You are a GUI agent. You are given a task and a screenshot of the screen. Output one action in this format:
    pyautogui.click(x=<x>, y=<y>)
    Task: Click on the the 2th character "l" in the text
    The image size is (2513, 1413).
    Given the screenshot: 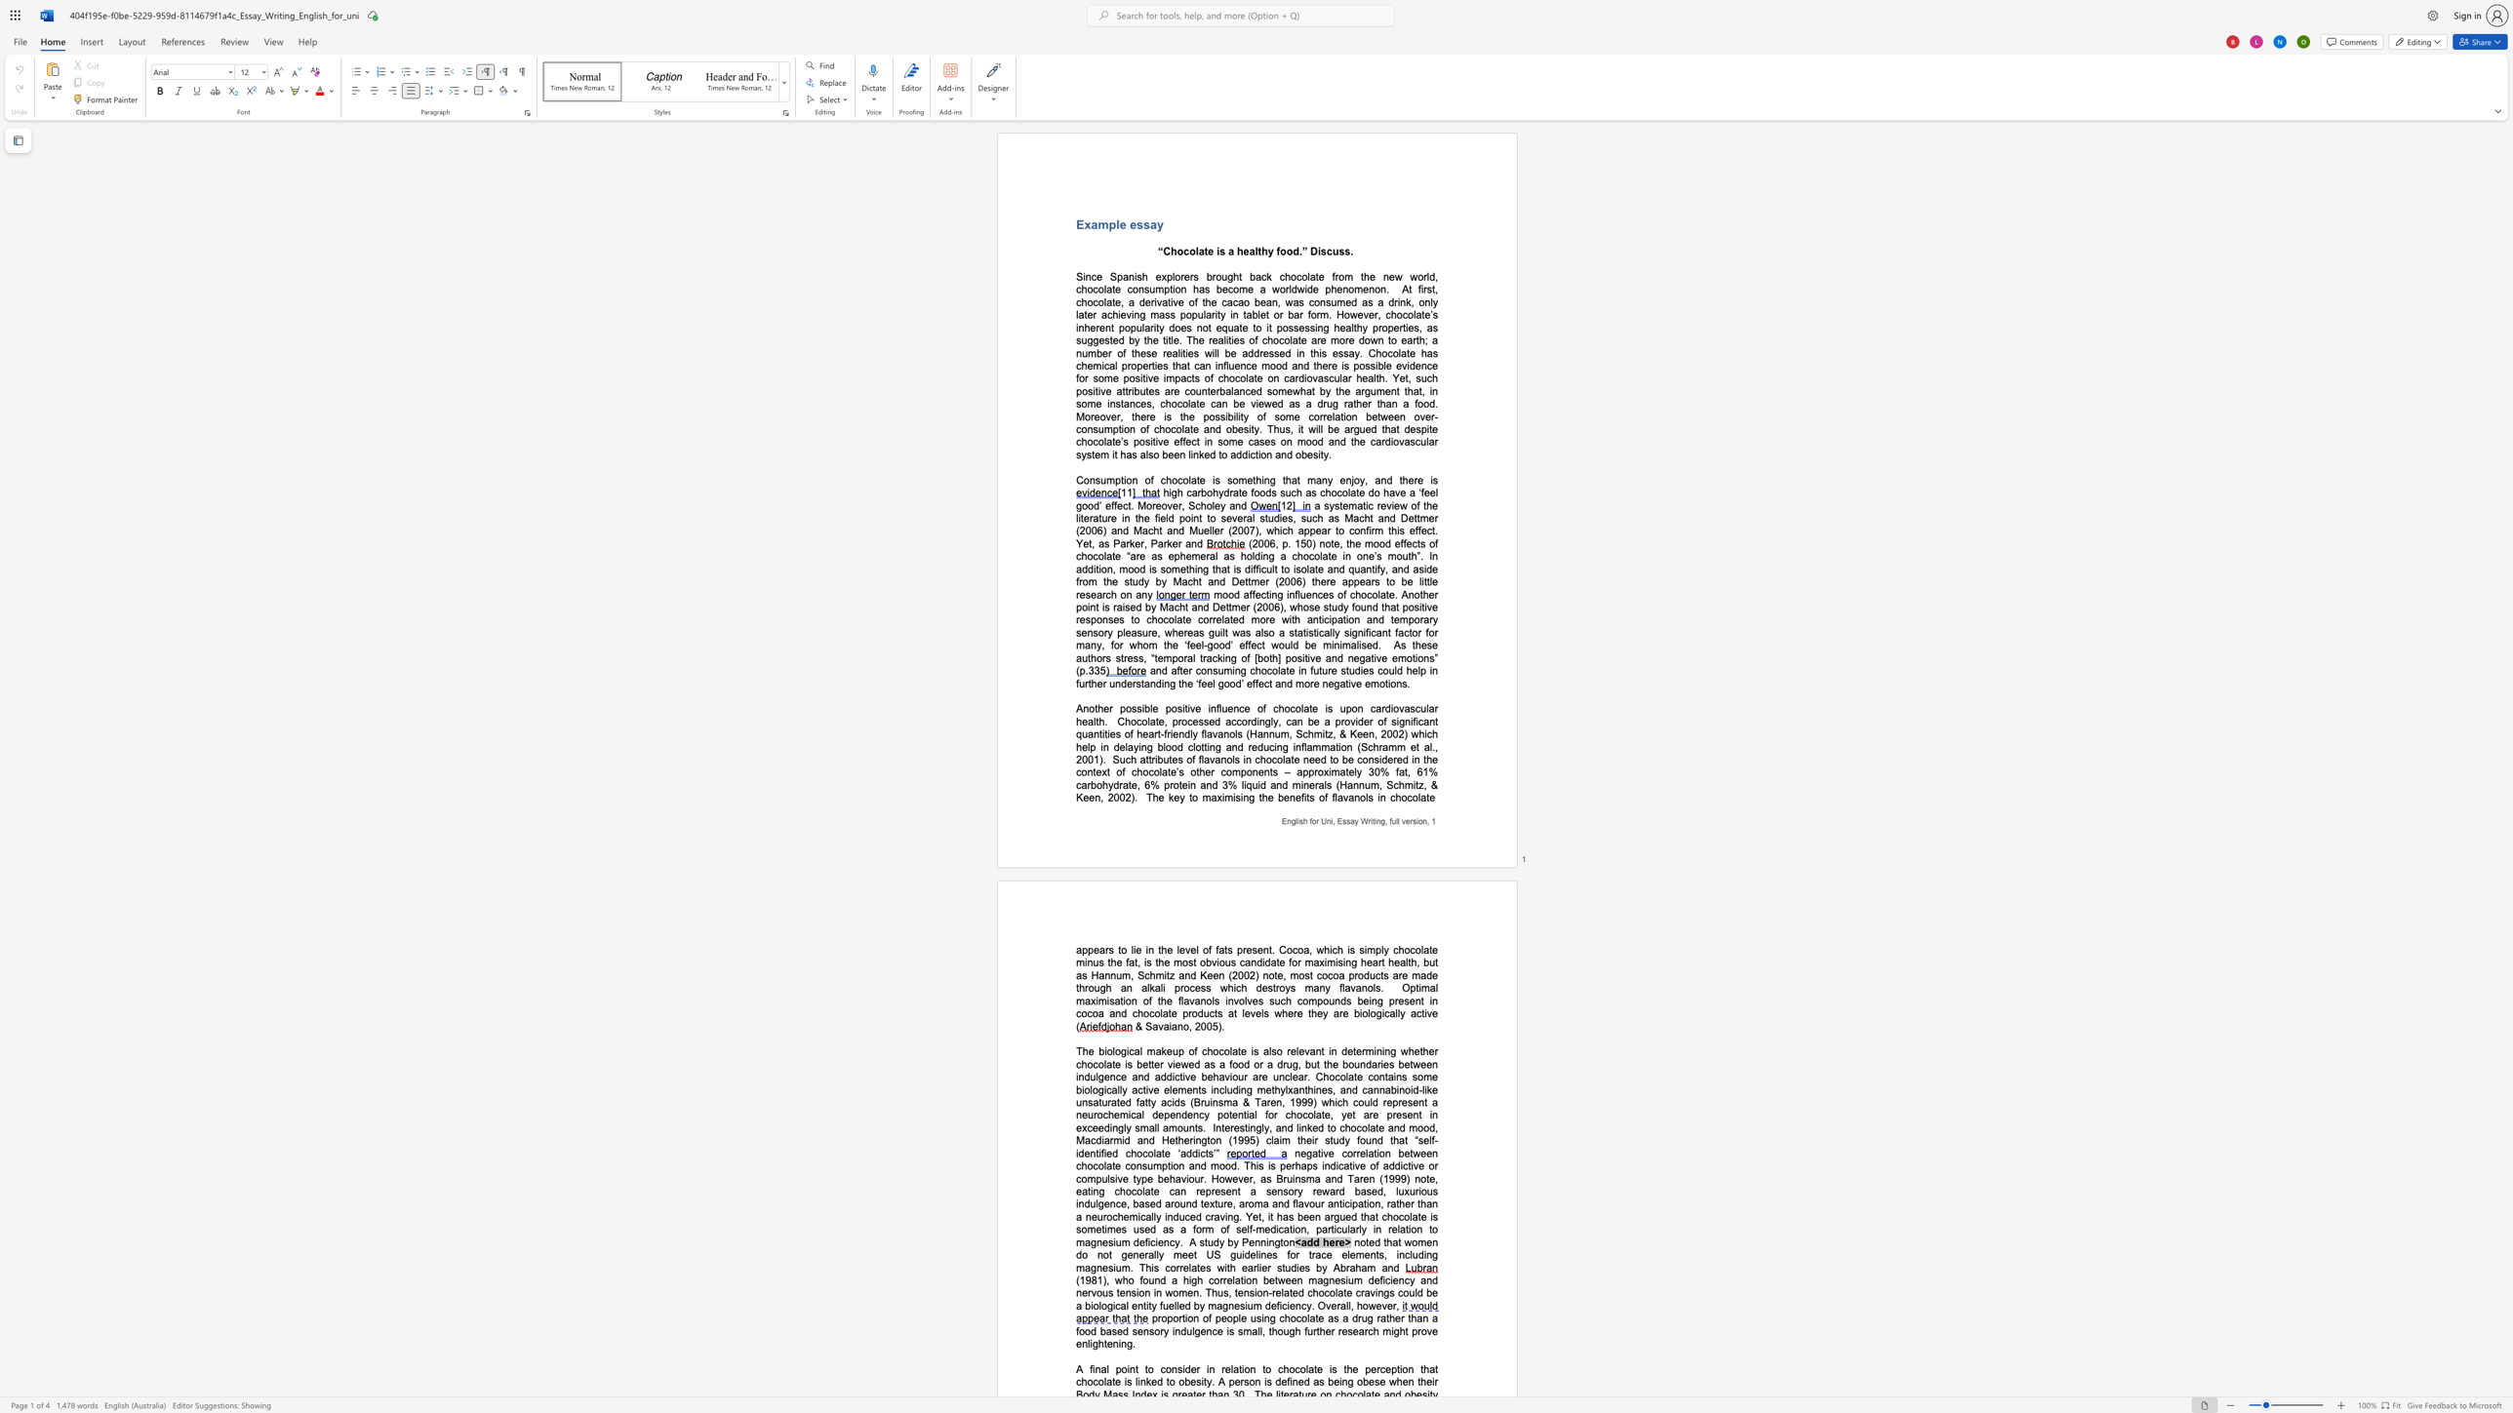 What is the action you would take?
    pyautogui.click(x=1219, y=708)
    